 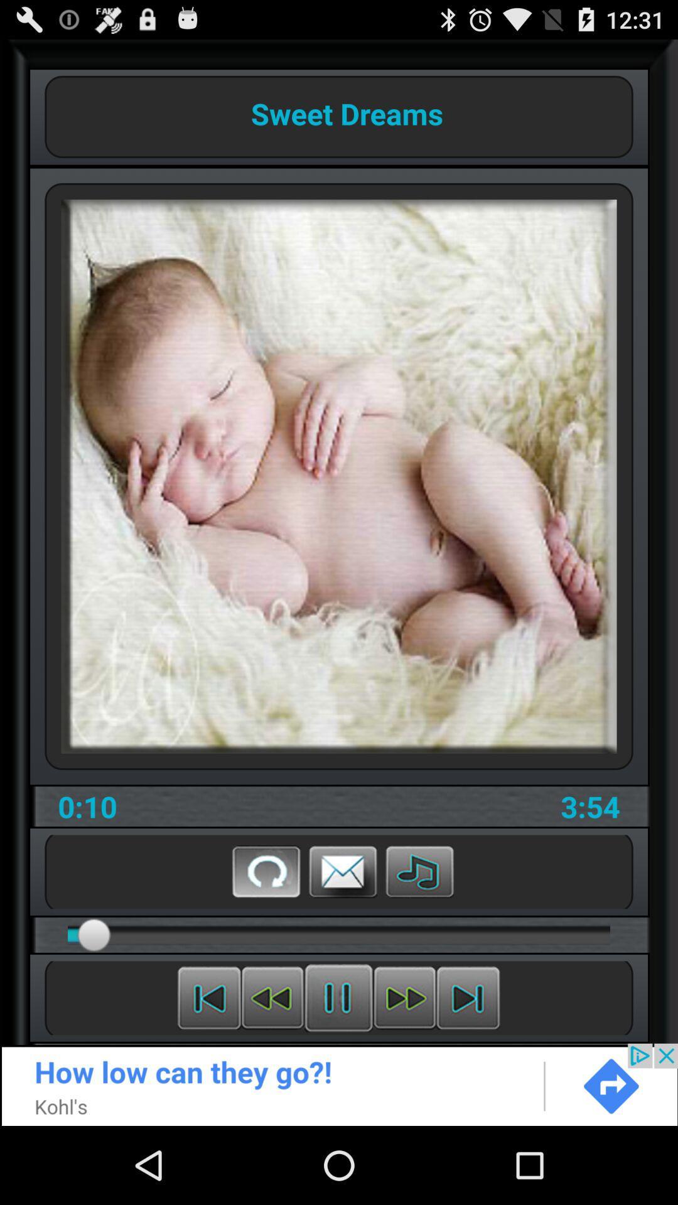 I want to click on the av_rewind icon, so click(x=272, y=1068).